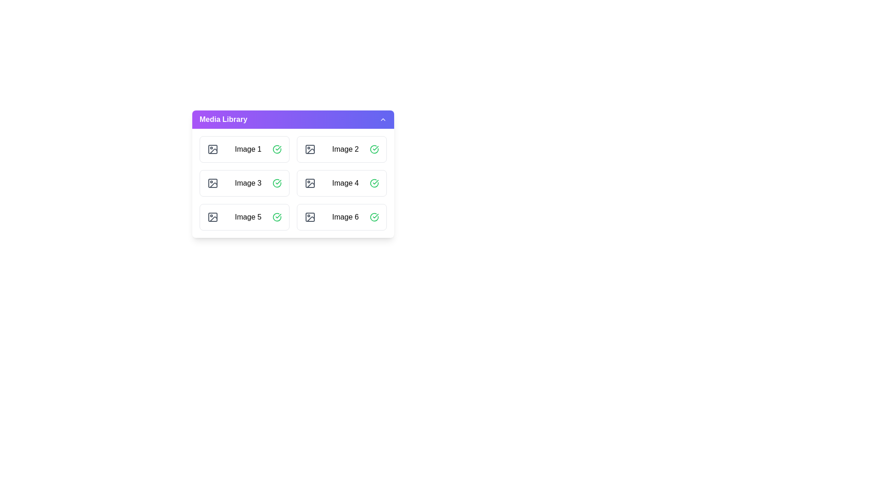 This screenshot has height=495, width=881. Describe the element at coordinates (244, 217) in the screenshot. I see `the image item labeled Image 5` at that location.